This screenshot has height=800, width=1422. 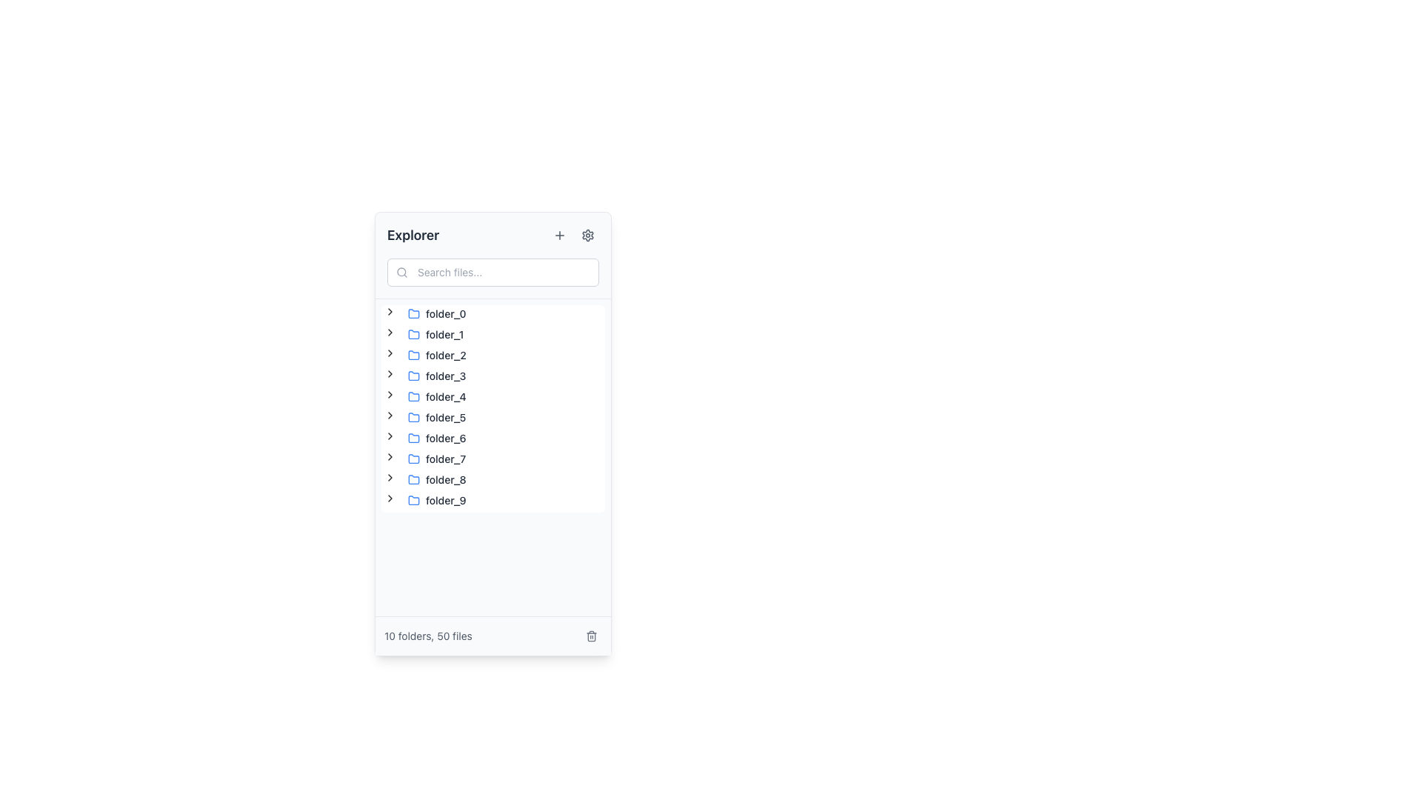 I want to click on the gear/settings icon located in the top-right corner of the explorer panel, so click(x=587, y=234).